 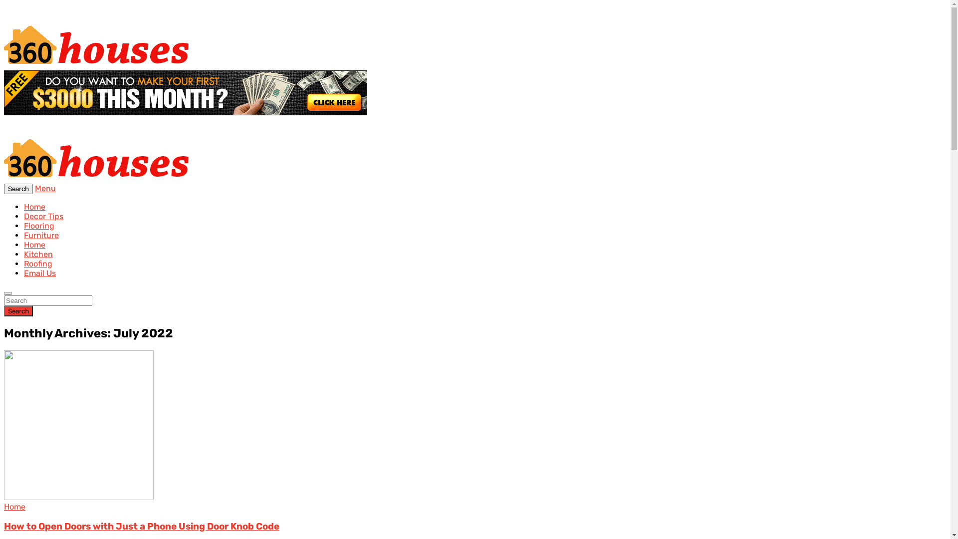 What do you see at coordinates (34, 206) in the screenshot?
I see `'Home'` at bounding box center [34, 206].